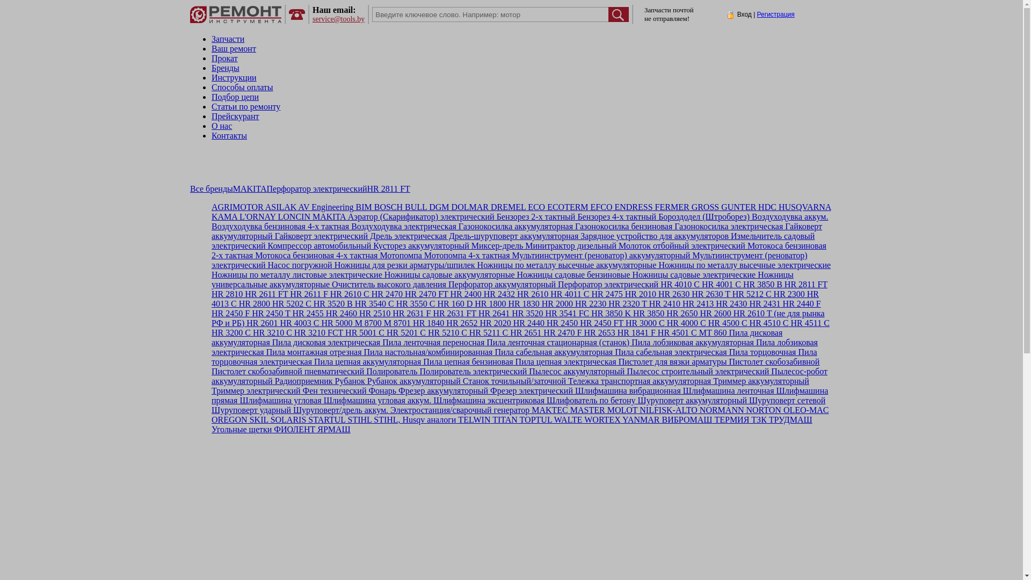 The image size is (1031, 580). I want to click on 'HR 2470 FT', so click(425, 294).